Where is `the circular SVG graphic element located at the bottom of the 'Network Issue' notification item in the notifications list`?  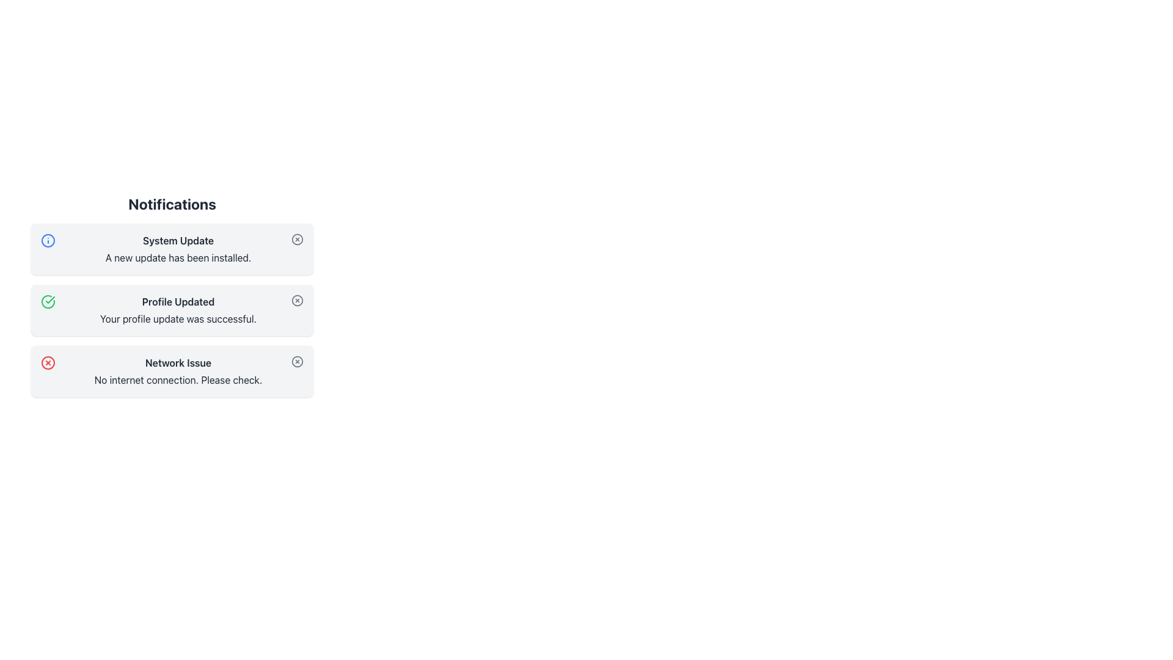
the circular SVG graphic element located at the bottom of the 'Network Issue' notification item in the notifications list is located at coordinates (297, 361).